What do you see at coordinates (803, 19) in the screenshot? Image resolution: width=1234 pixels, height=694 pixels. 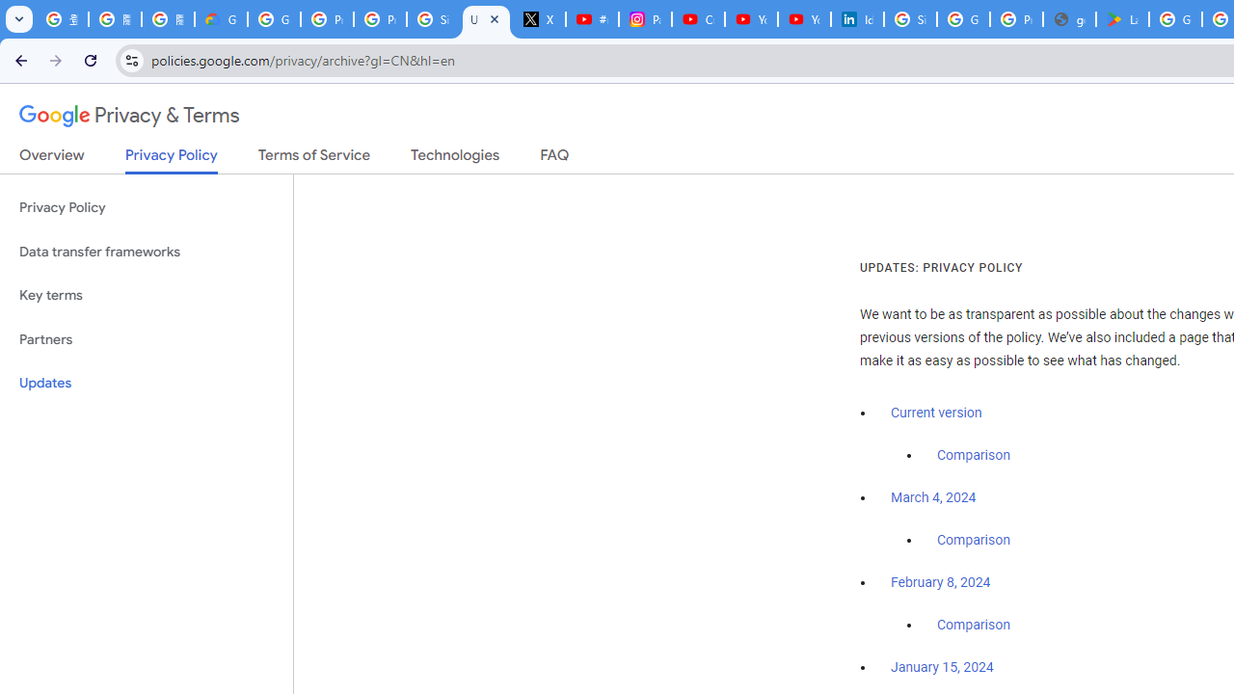 I see `'YouTube Culture & Trends - YouTube Top 10, 2021'` at bounding box center [803, 19].